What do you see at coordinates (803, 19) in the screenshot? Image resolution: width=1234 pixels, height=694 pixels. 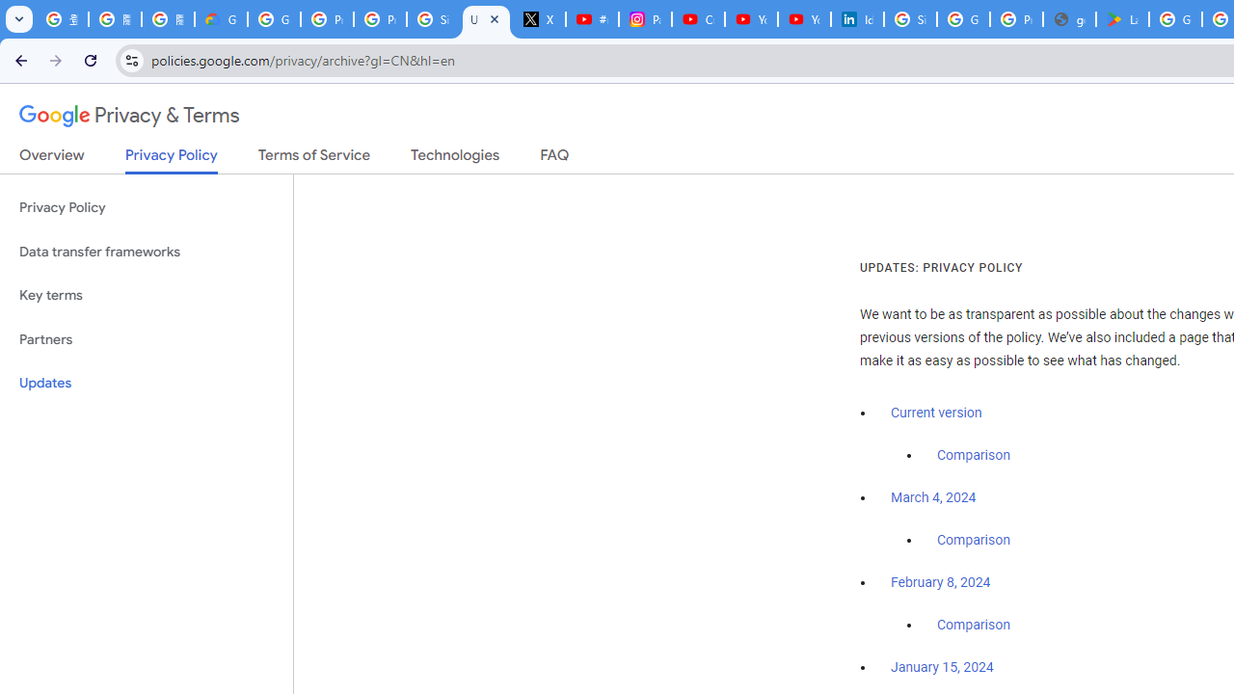 I see `'YouTube Culture & Trends - YouTube Top 10, 2021'` at bounding box center [803, 19].